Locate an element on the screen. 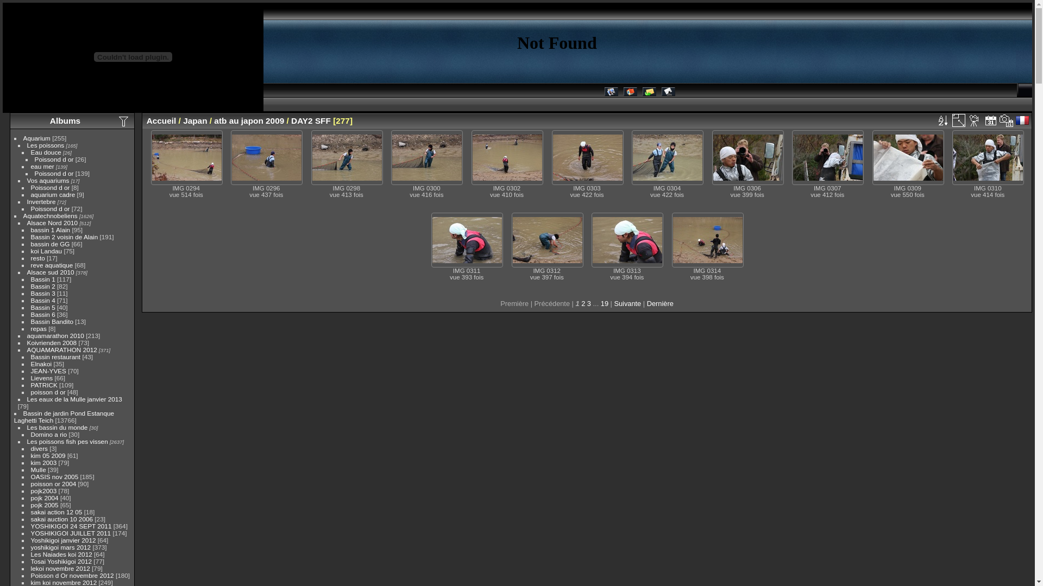 This screenshot has width=1043, height=586. 'Album Membres ATB' is located at coordinates (611, 93).